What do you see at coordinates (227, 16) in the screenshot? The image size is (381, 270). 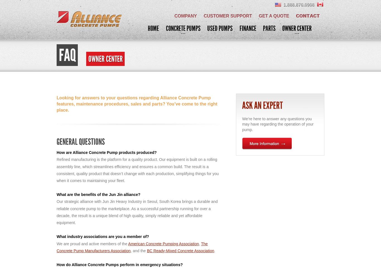 I see `'Customer Support'` at bounding box center [227, 16].